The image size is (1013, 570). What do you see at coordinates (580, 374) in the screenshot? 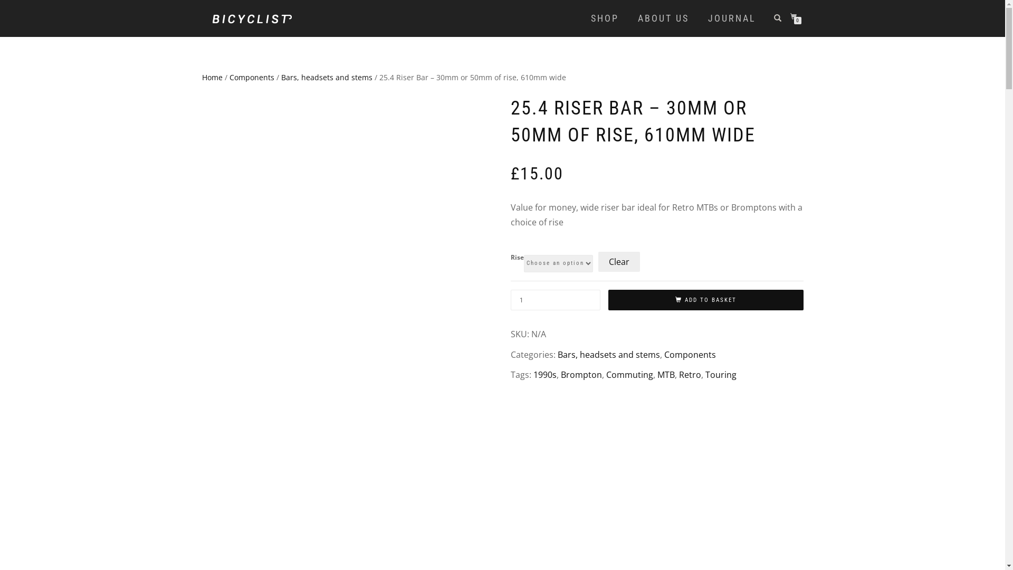
I see `'Brompton'` at bounding box center [580, 374].